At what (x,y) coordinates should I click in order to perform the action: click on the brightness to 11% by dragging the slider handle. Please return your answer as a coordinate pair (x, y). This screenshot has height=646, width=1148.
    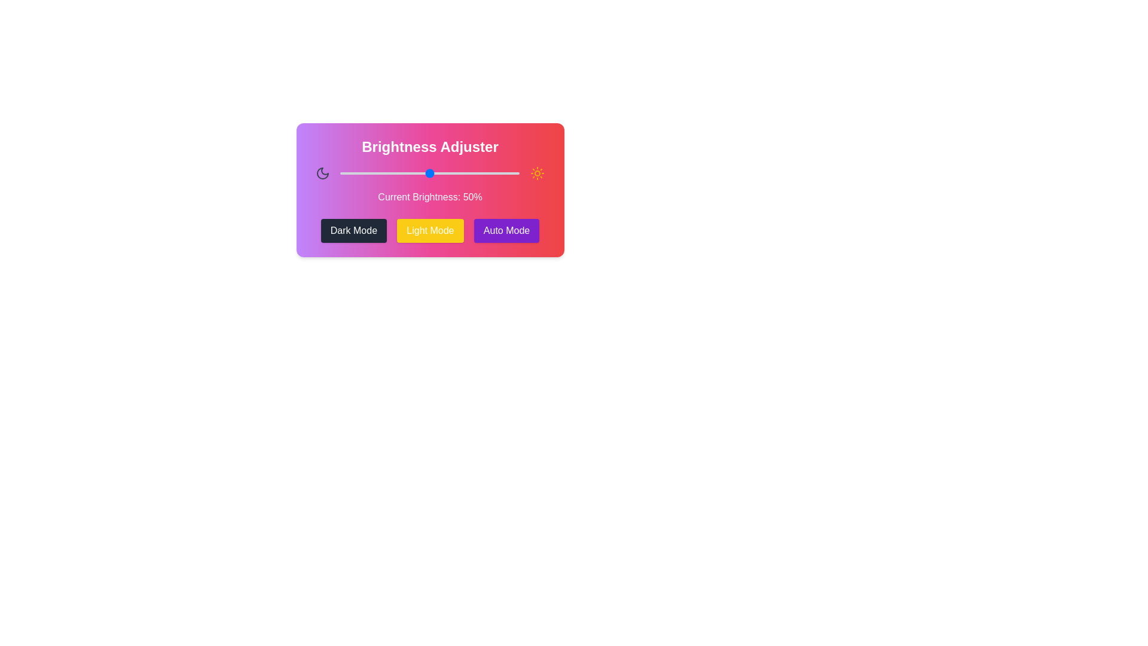
    Looking at the image, I should click on (359, 173).